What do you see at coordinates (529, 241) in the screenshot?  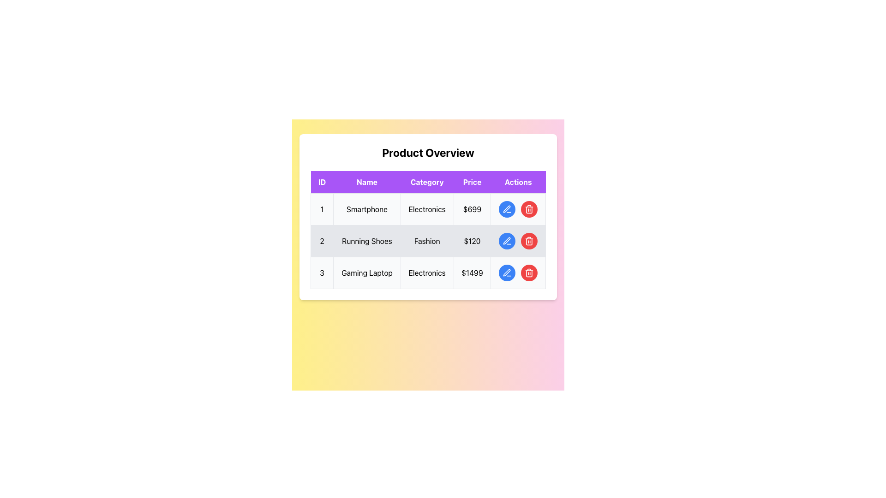 I see `the circular red delete button with a white trash can icon, located in the 'Actions' column of the second row` at bounding box center [529, 241].